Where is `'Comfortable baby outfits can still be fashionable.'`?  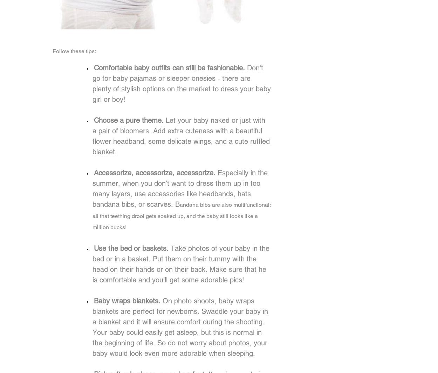 'Comfortable baby outfits can still be fashionable.' is located at coordinates (94, 68).